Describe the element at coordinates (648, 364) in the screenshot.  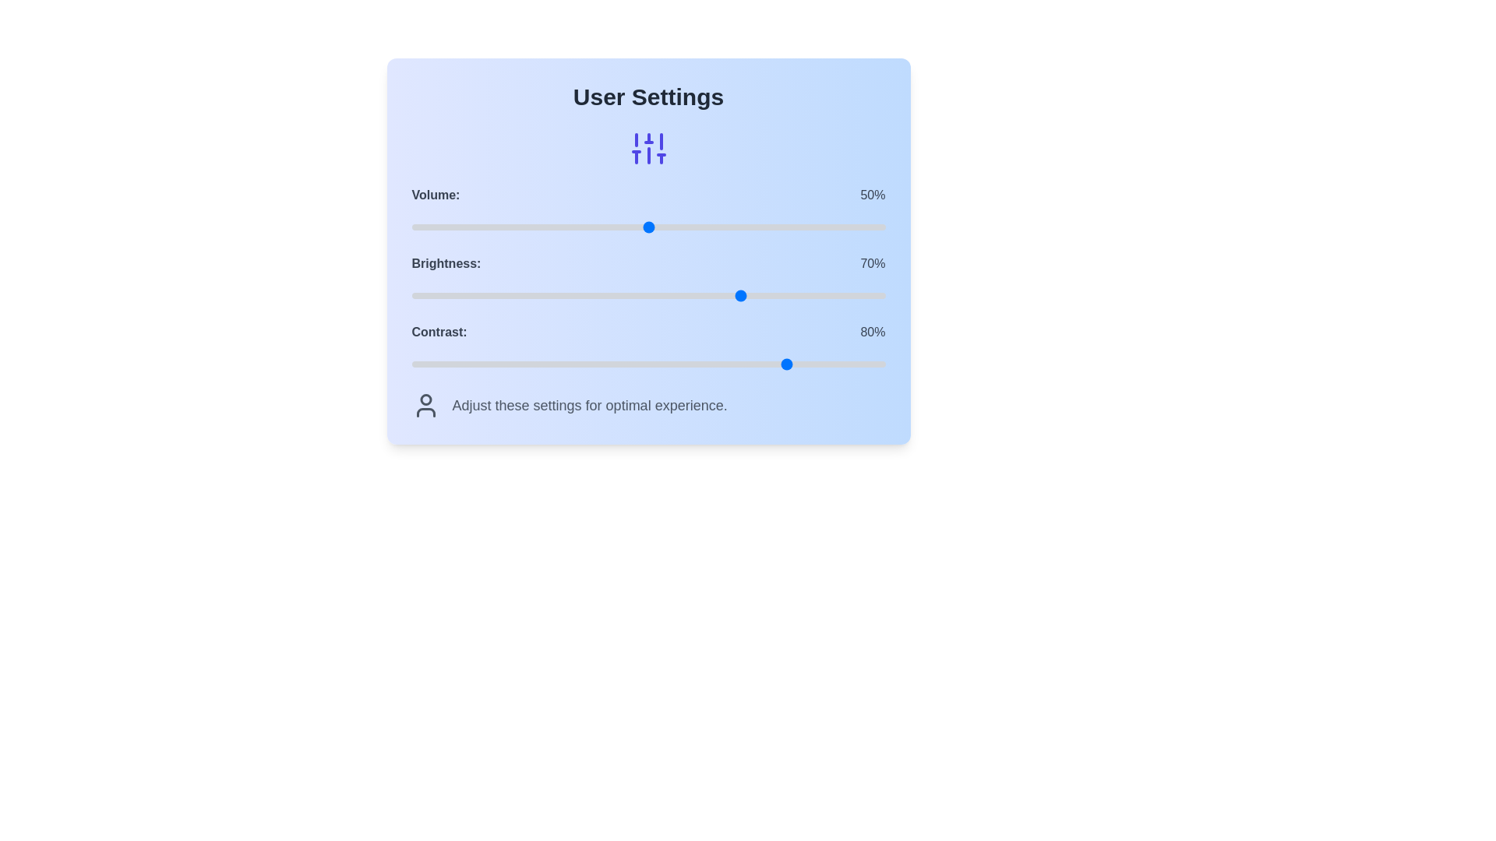
I see `the contrast adjustment slider handle` at that location.